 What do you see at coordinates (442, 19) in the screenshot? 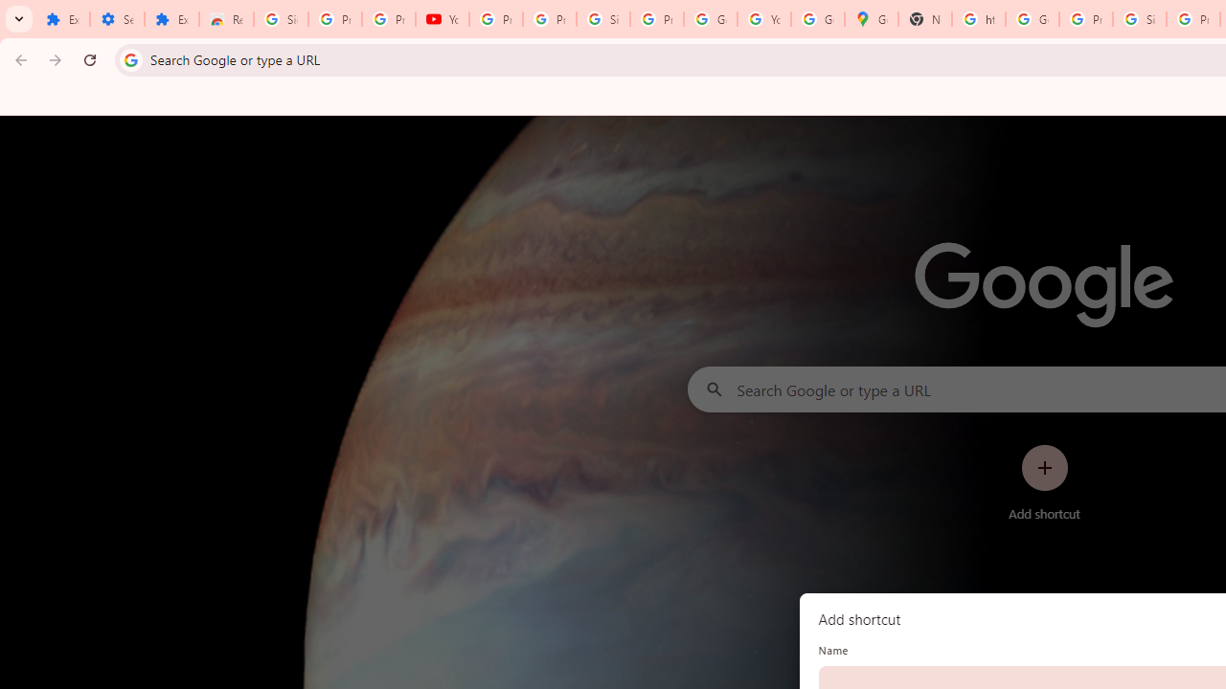
I see `'YouTube'` at bounding box center [442, 19].